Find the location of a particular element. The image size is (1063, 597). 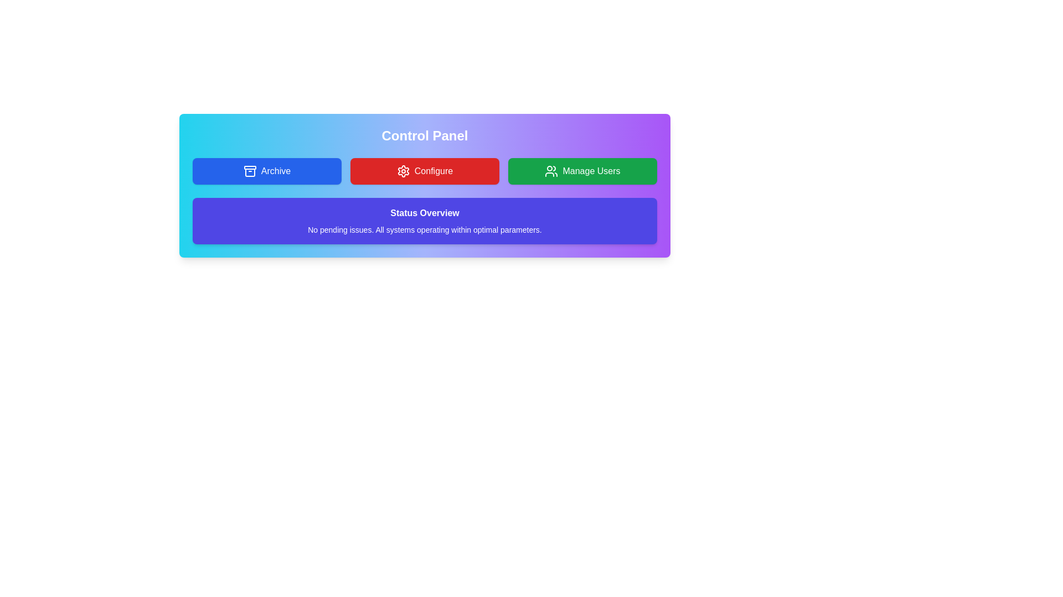

the green rectangular button labeled 'Manage Users' featuring a user icon, positioned as the third button in a horizontal row of buttons is located at coordinates (582, 171).